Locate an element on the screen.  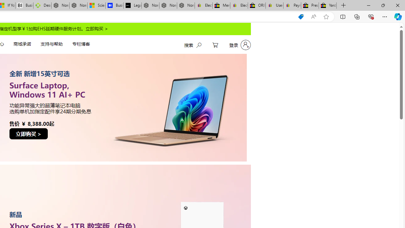
'Yard, Garden & Outdoor Living' is located at coordinates (327, 5).